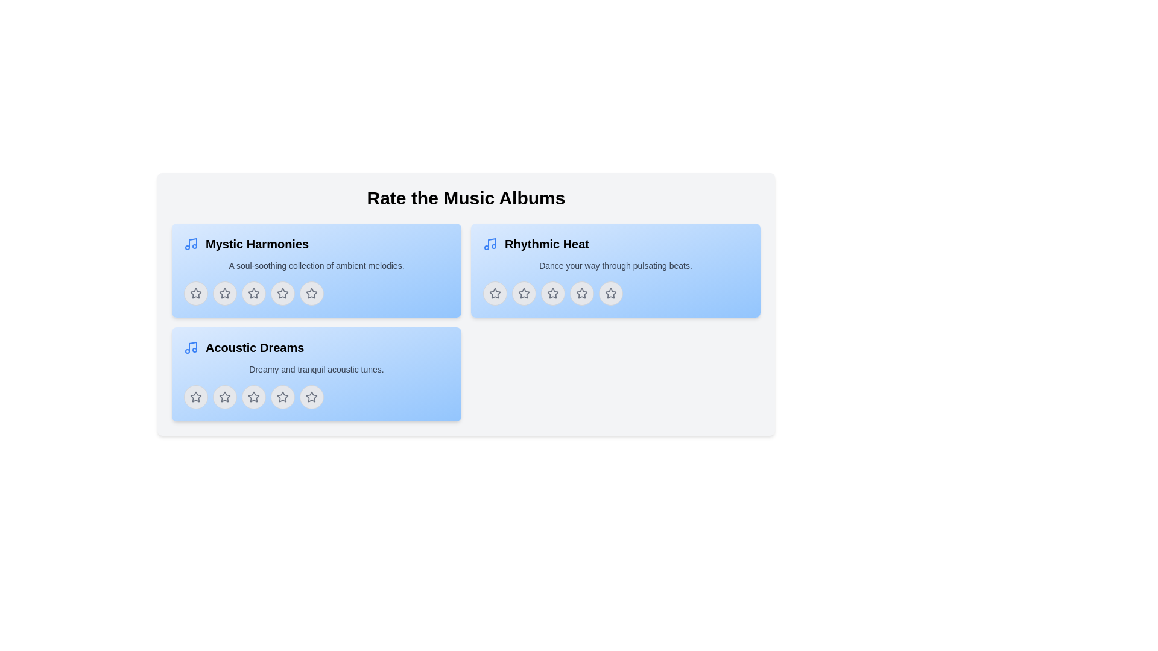 The height and width of the screenshot is (651, 1158). I want to click on the first star-shaped icon in the rating row under 'Mystic Harmonies', so click(196, 293).